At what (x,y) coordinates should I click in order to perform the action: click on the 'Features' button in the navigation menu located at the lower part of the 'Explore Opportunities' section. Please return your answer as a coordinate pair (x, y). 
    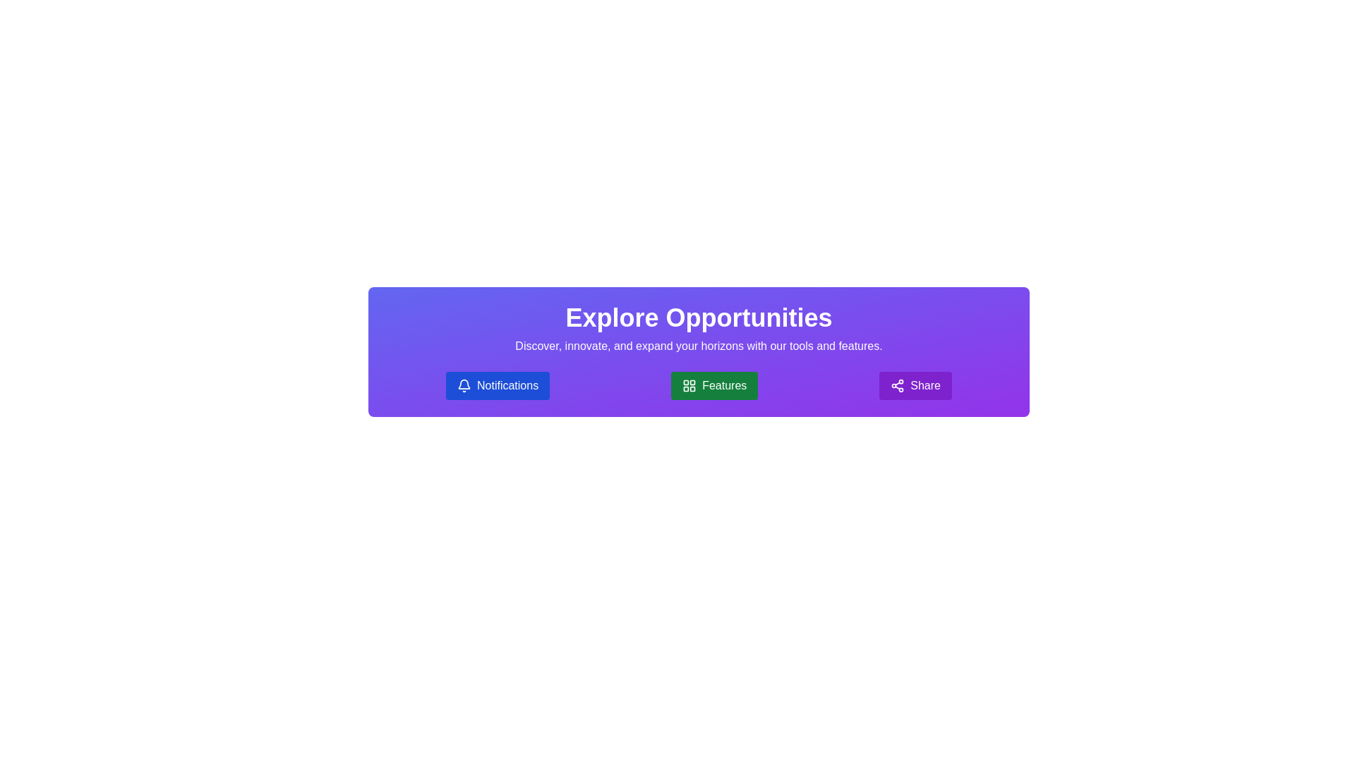
    Looking at the image, I should click on (699, 386).